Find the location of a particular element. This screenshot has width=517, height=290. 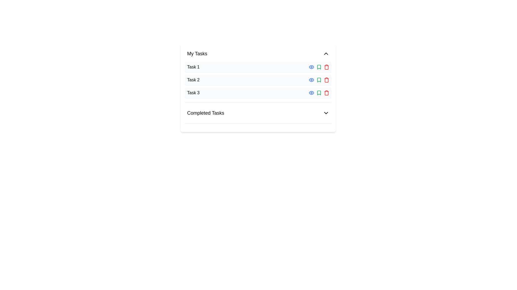

the green-colored bookmark icon located to the right of the third task item in the list to bookmark the task is located at coordinates (319, 67).